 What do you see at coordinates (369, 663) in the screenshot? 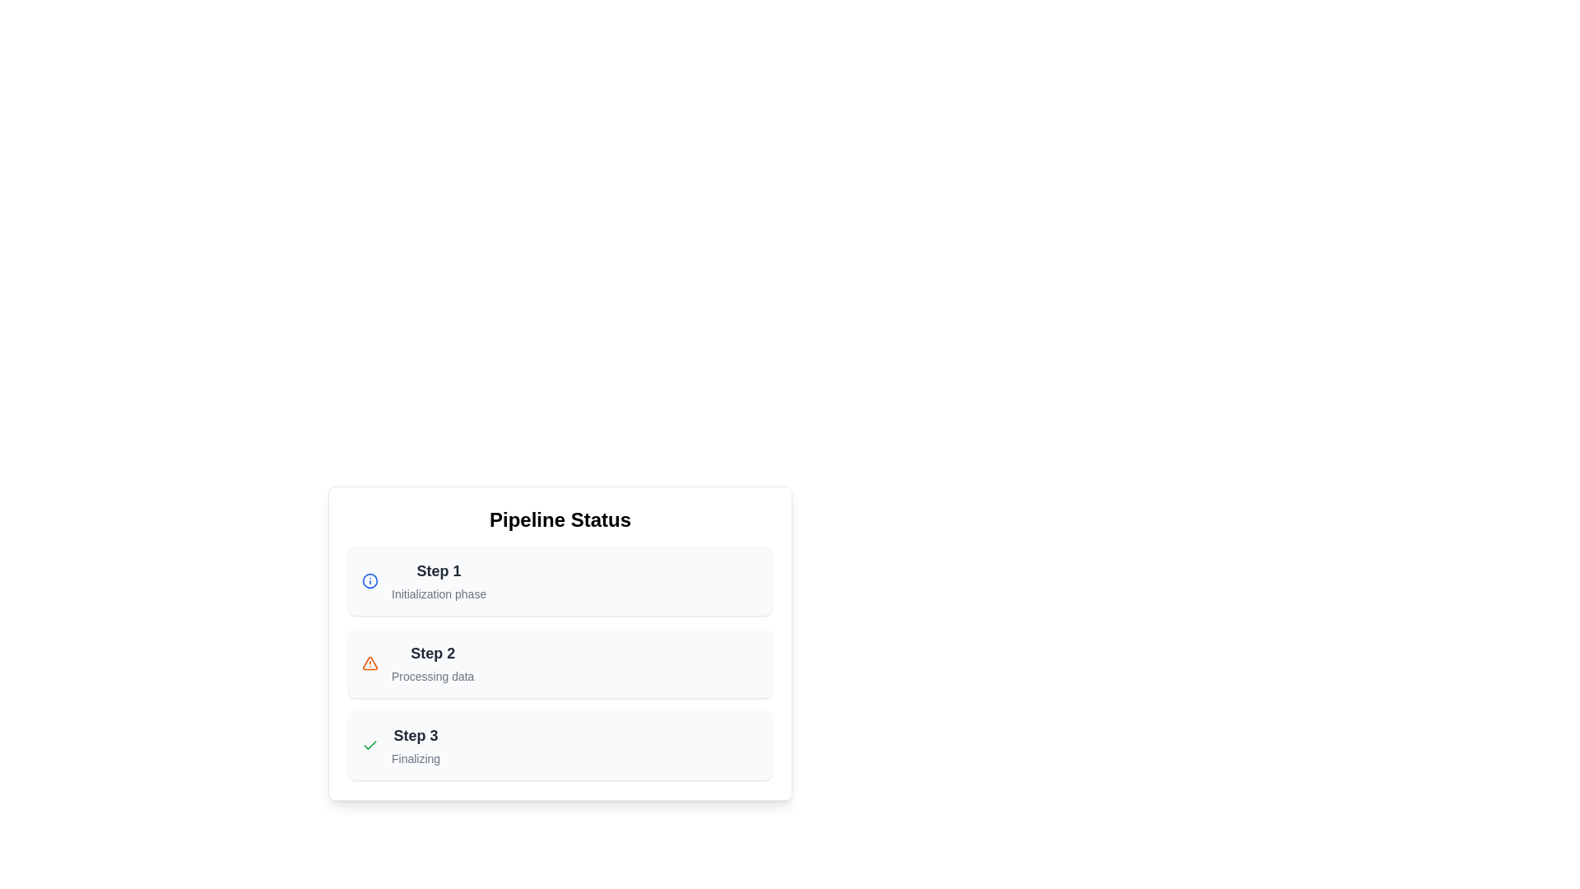
I see `the triangular orange warning icon, which is the leftmost icon in the second step of the pipeline status list` at bounding box center [369, 663].